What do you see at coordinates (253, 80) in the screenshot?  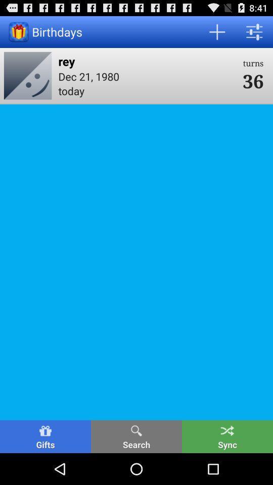 I see `the 36 item` at bounding box center [253, 80].